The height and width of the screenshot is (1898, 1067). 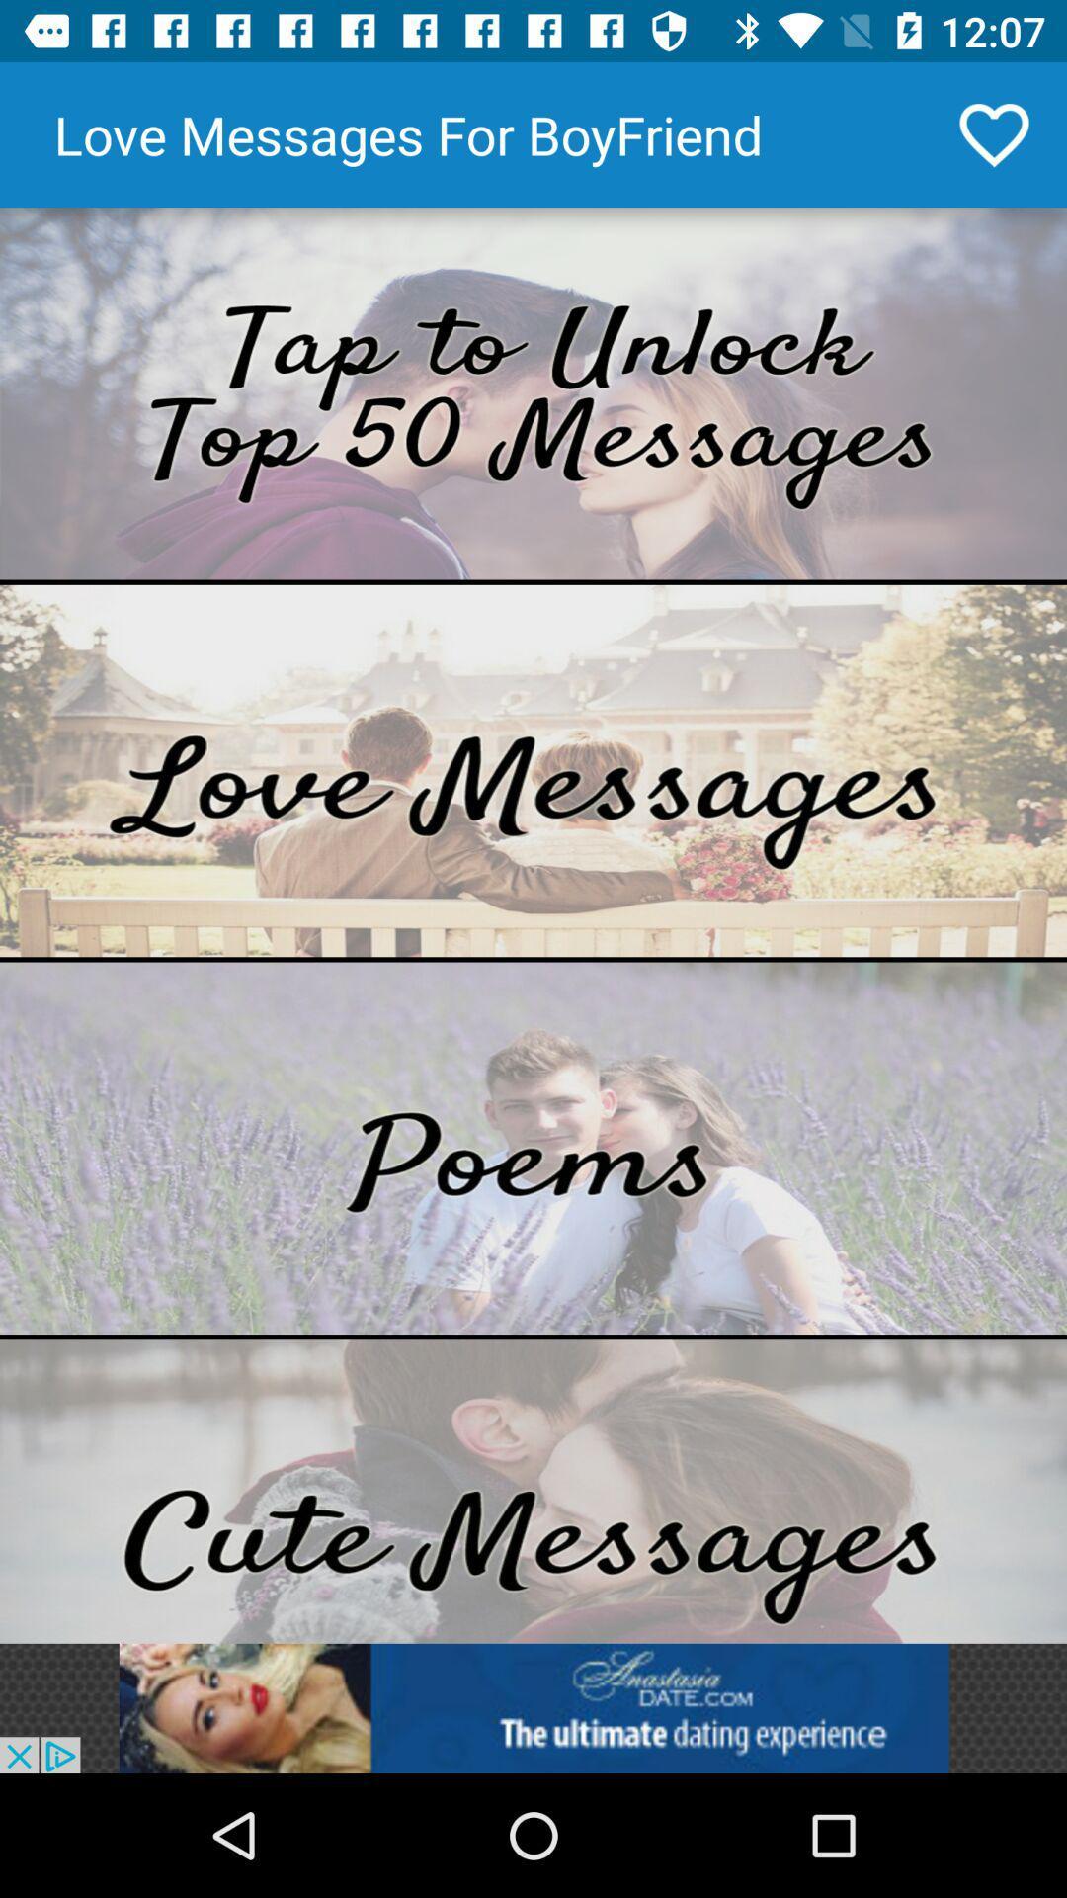 I want to click on af, so click(x=533, y=769).